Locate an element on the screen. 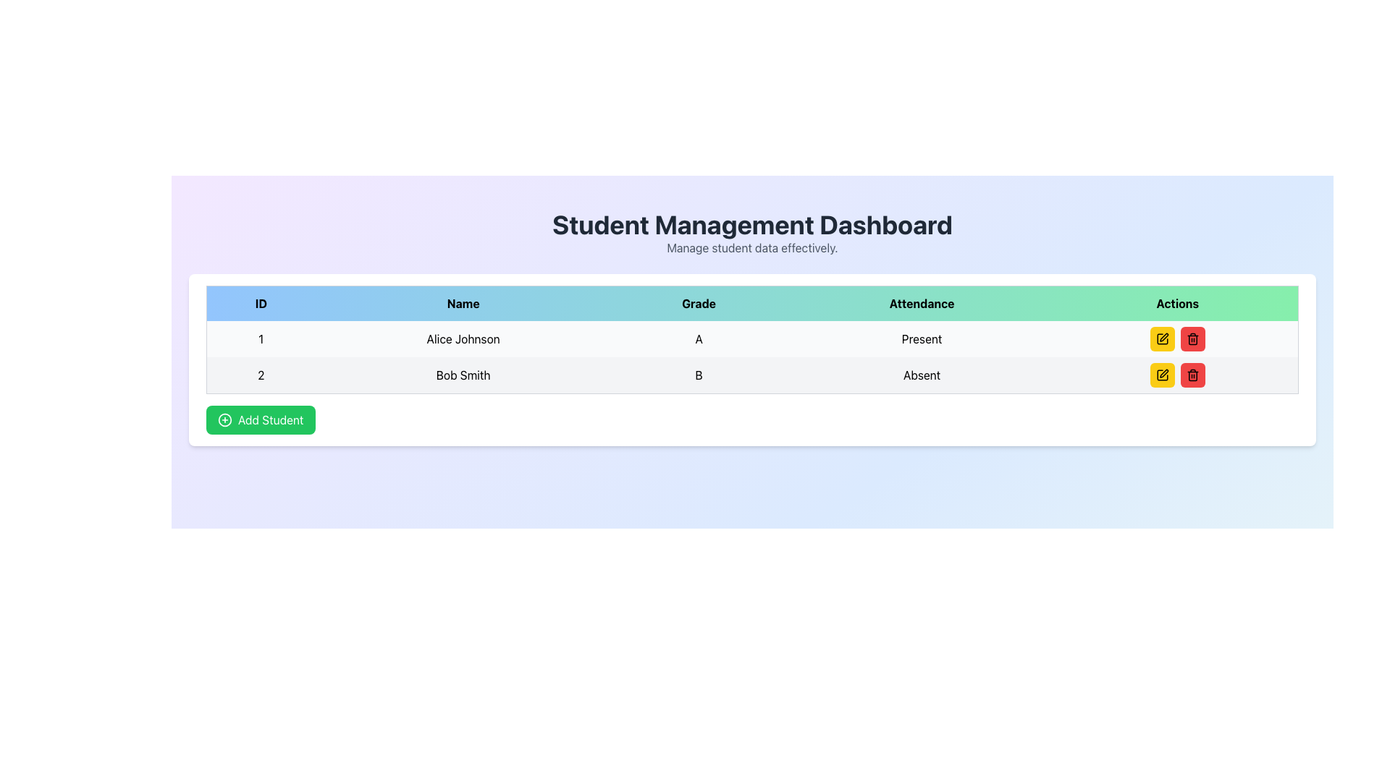 The image size is (1390, 781). the character 'A' located in the 'Grade' column of the row corresponding to Alice Johnson, which is styled with padding and is positioned between the 'Name' and 'Attendance' columns is located at coordinates (699, 339).